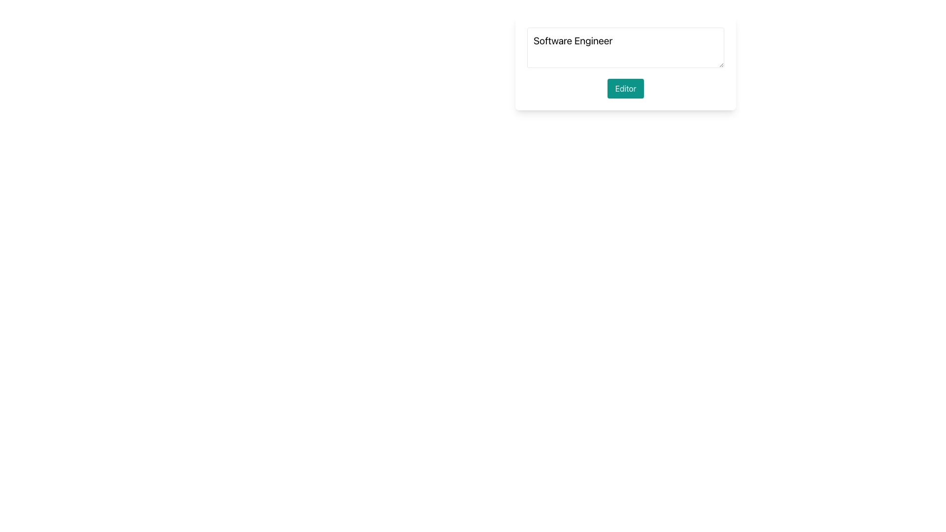 This screenshot has height=532, width=946. What do you see at coordinates (625, 89) in the screenshot?
I see `the rectangular button with a teal background and white text reading 'Editor', located below the 'Software Engineer' text box` at bounding box center [625, 89].